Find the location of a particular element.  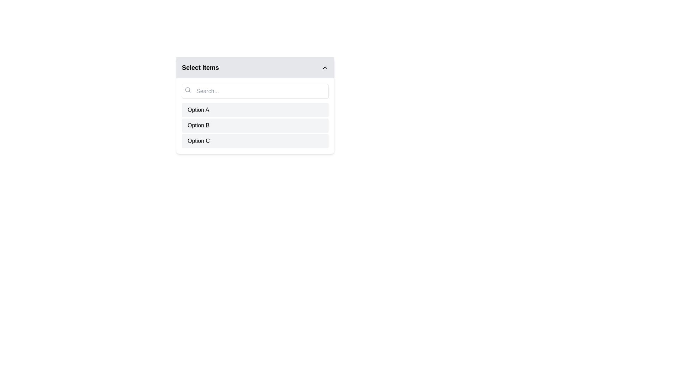

on the list item displaying 'Option C', which is the last option in a vertically stacked list with a light gray background and rounded corners is located at coordinates (255, 141).